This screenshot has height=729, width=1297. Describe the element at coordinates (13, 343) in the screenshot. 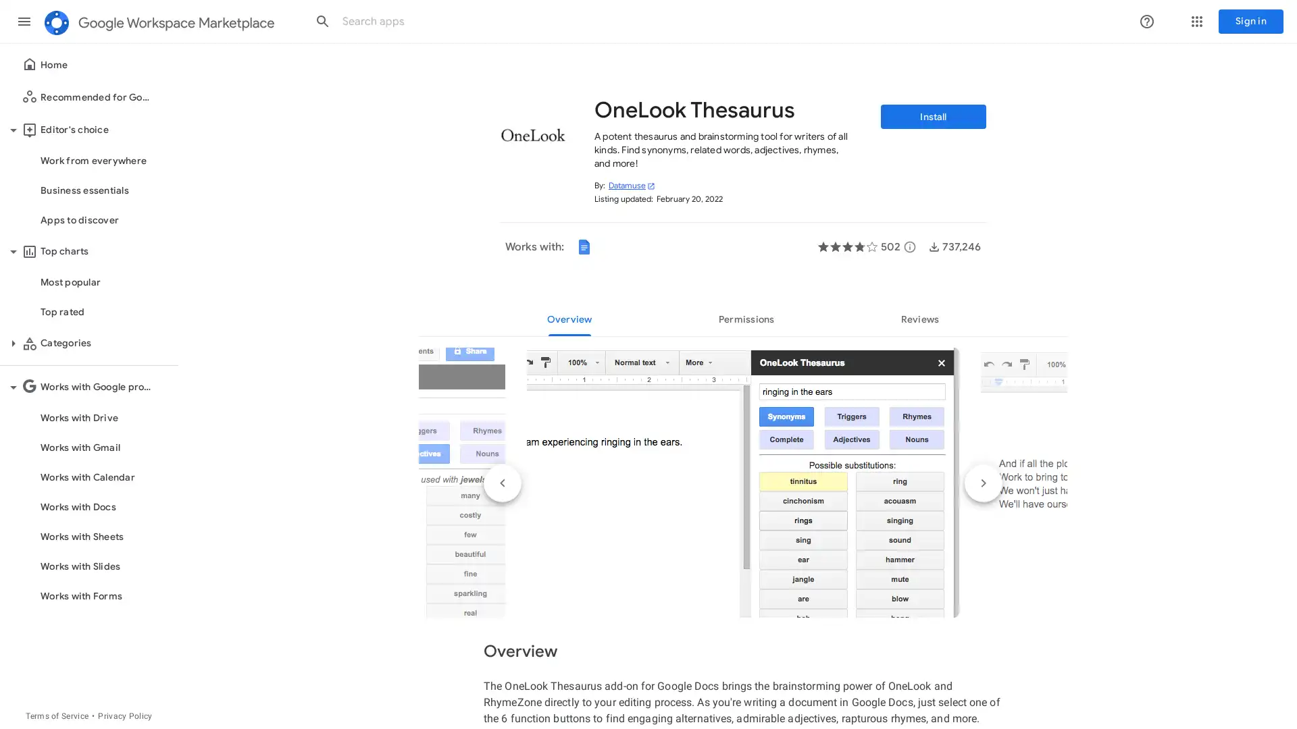

I see `Categories` at that location.